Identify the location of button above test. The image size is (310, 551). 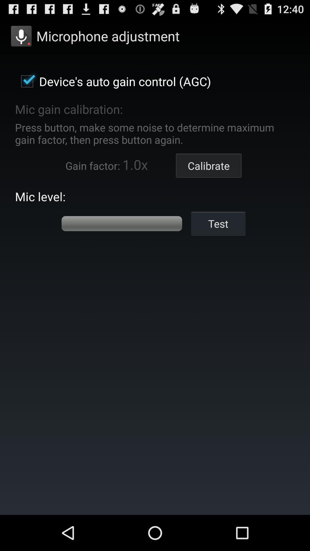
(209, 165).